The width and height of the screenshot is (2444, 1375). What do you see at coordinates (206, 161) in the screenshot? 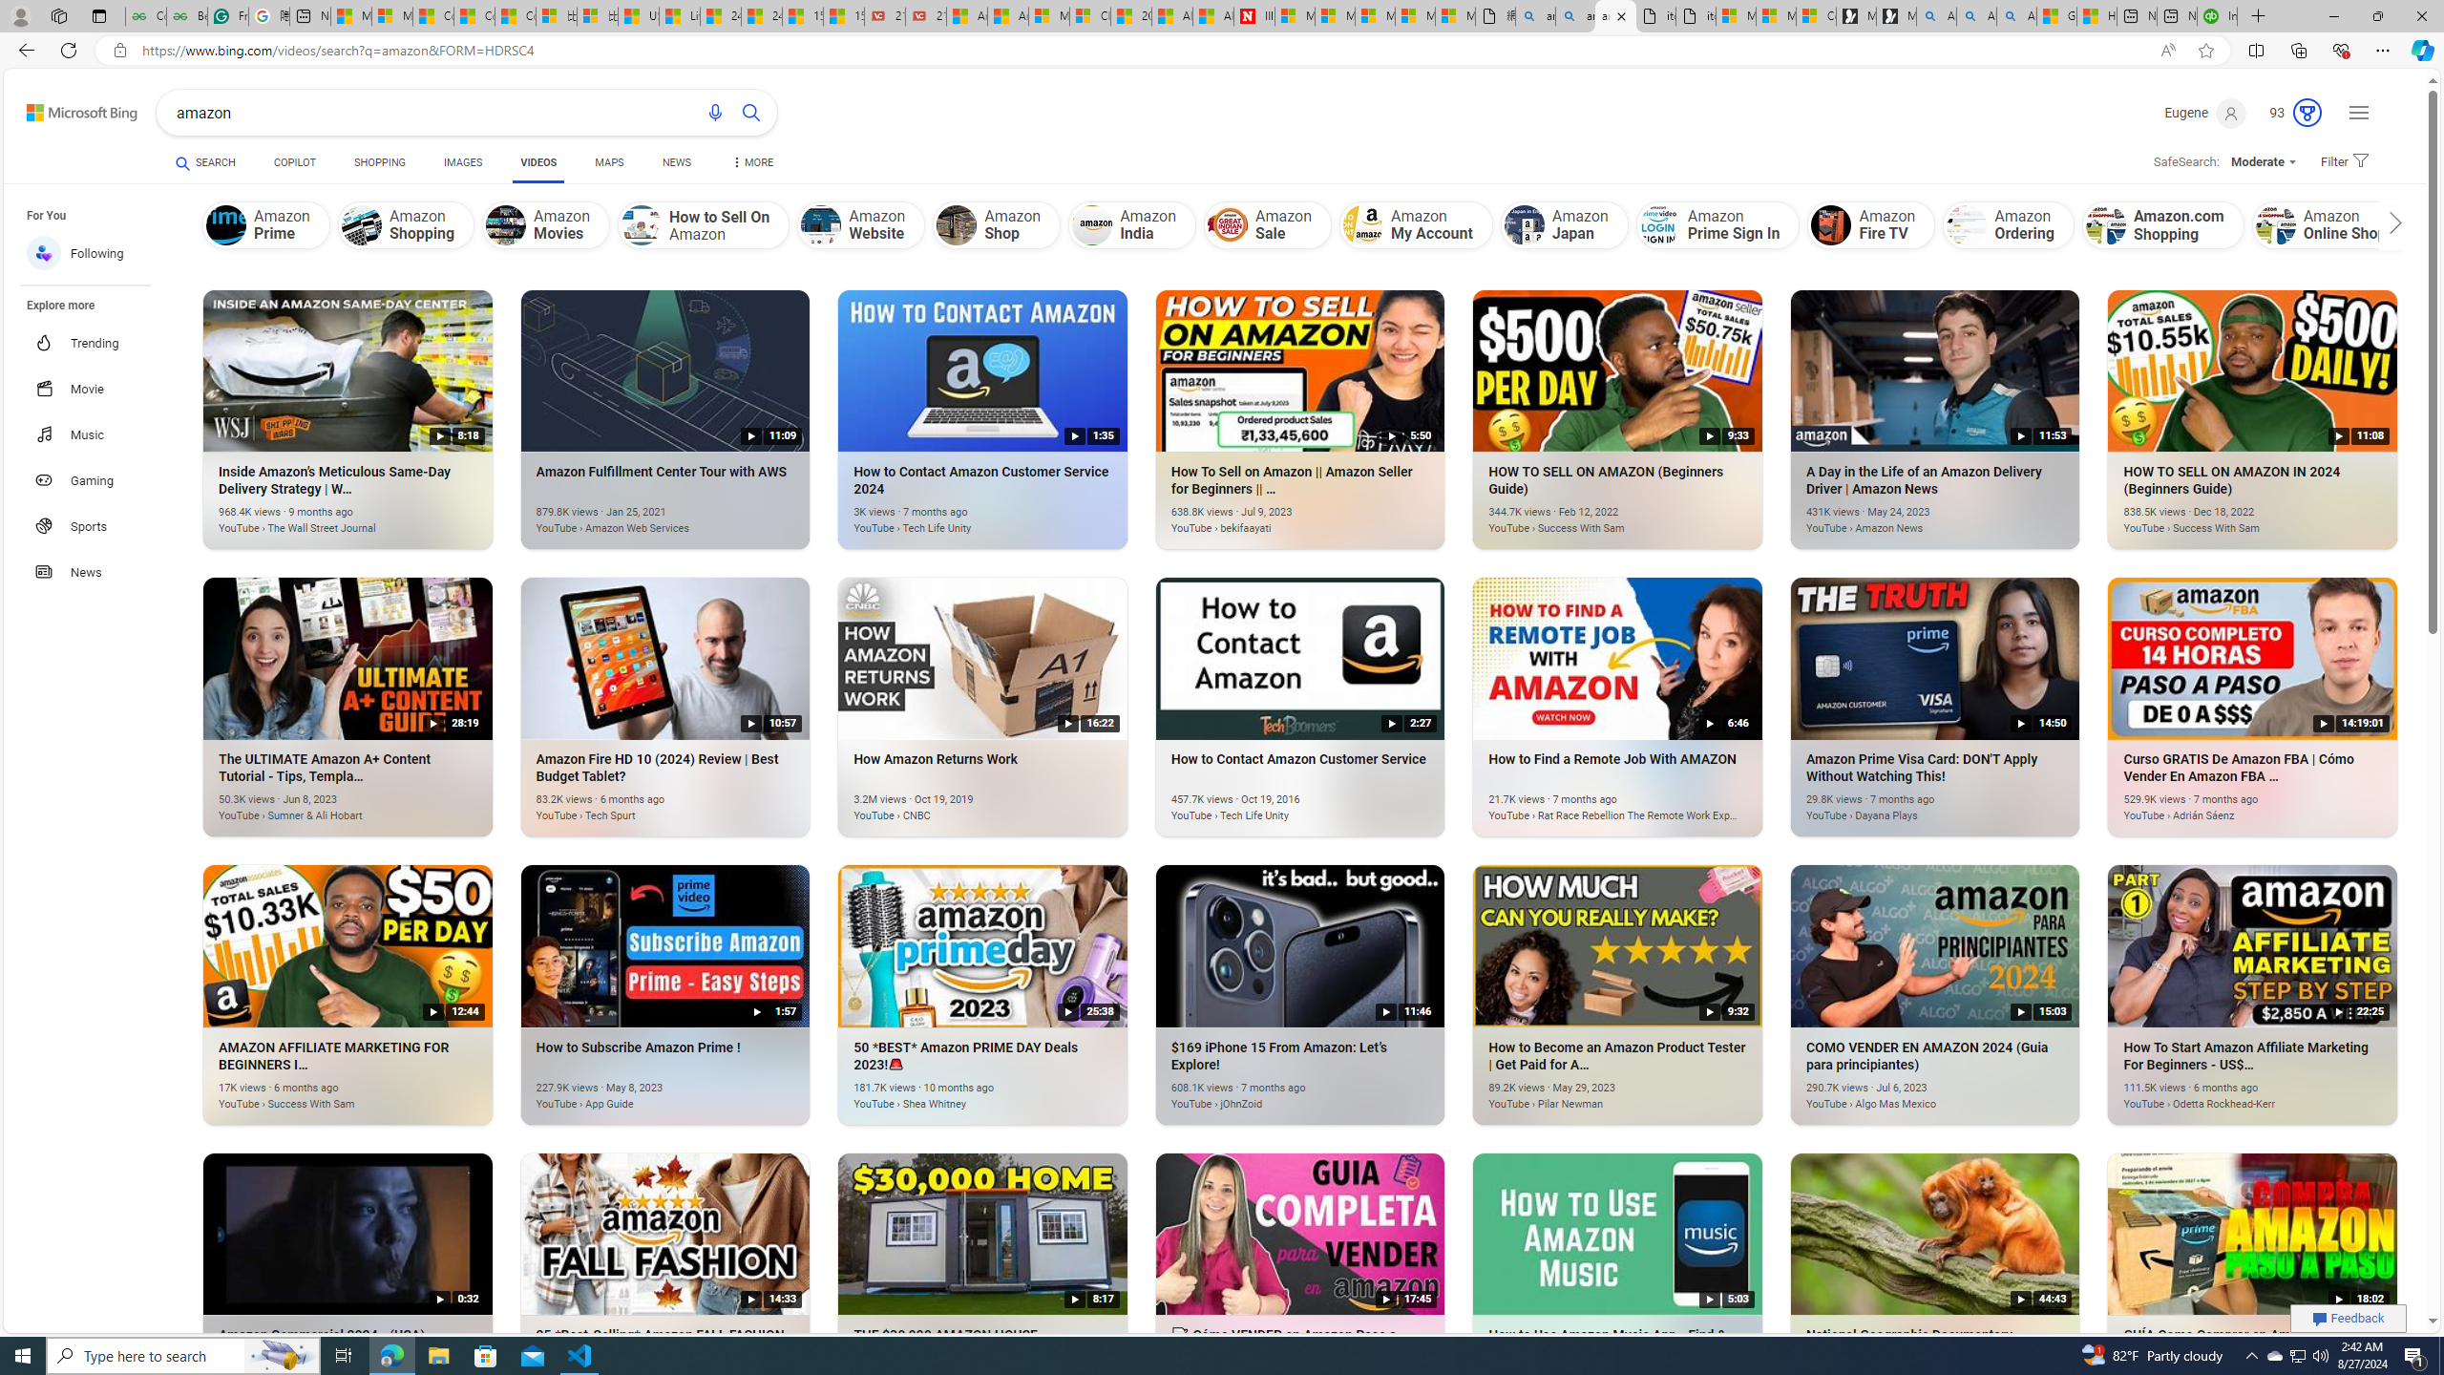
I see `'SEARCH'` at bounding box center [206, 161].